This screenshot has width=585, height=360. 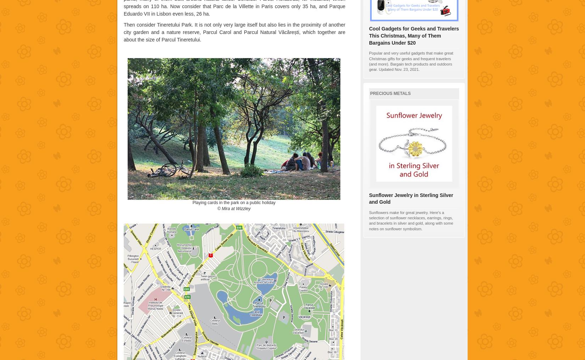 I want to click on 'Sunflowers make for great jewelry. Here's a selection of sunflower necklaces, earrings, rings, and bracelets in silver and gold, along with some notes on sunflower symbolism.', so click(x=369, y=220).